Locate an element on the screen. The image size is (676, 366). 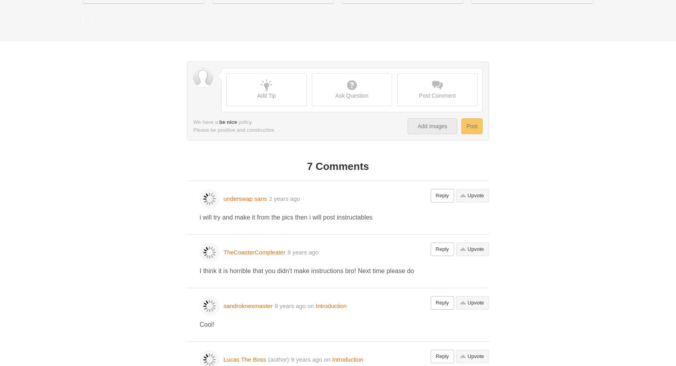
'Post' is located at coordinates (471, 125).